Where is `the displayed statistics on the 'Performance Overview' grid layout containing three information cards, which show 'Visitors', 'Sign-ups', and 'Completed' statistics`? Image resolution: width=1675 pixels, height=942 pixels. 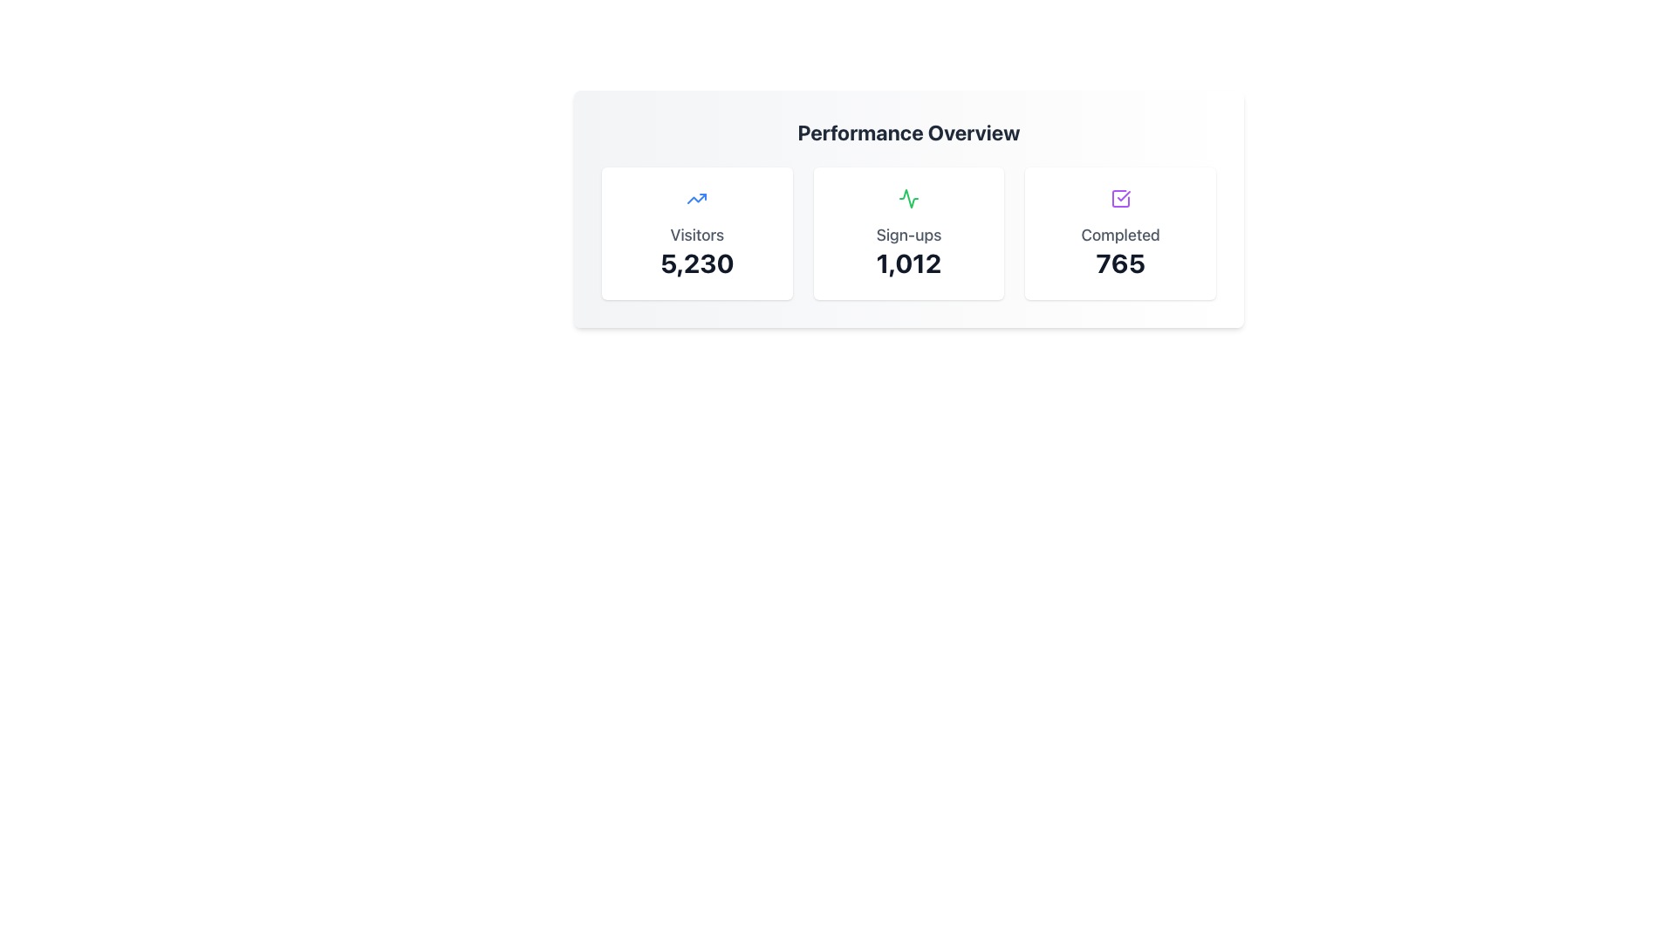
the displayed statistics on the 'Performance Overview' grid layout containing three information cards, which show 'Visitors', 'Sign-ups', and 'Completed' statistics is located at coordinates (907, 232).